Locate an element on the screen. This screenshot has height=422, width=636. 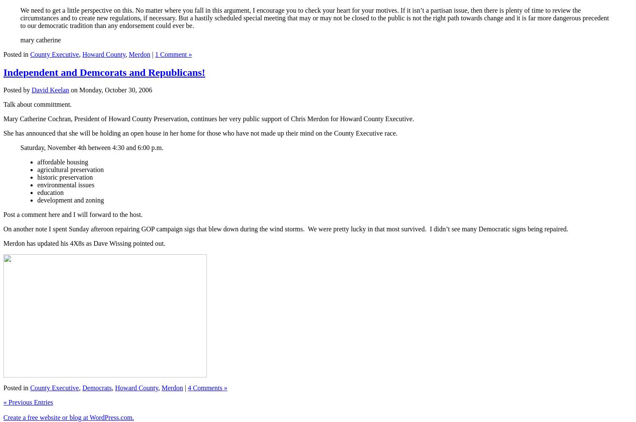
'Democrats' is located at coordinates (96, 388).